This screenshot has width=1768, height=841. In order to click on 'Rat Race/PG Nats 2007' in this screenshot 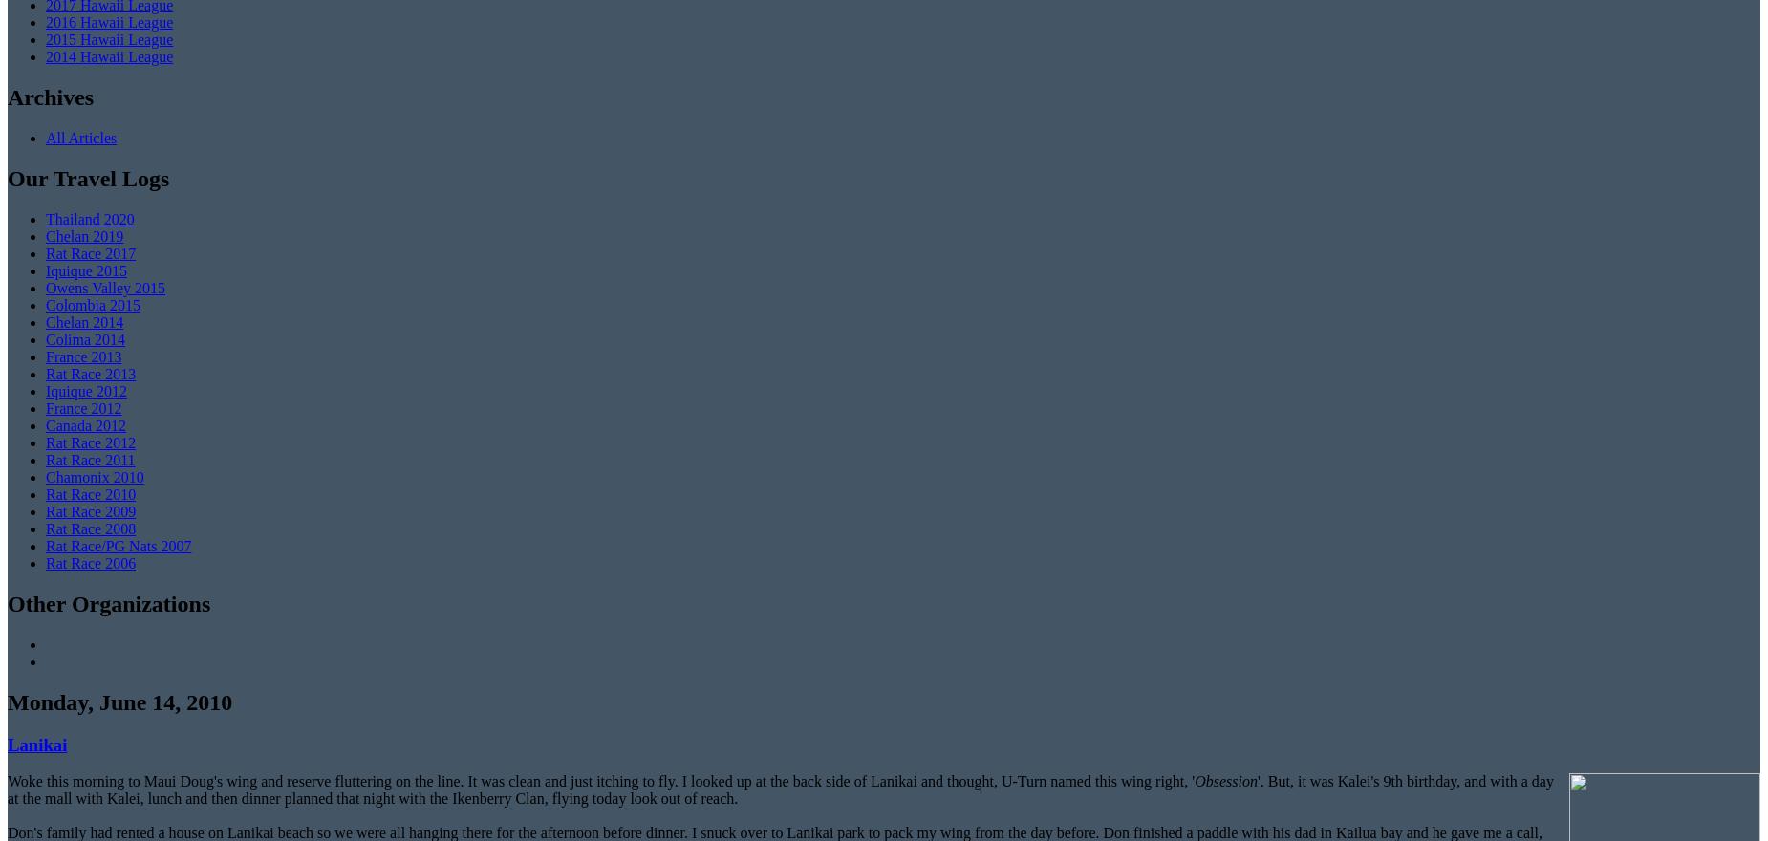, I will do `click(117, 546)`.